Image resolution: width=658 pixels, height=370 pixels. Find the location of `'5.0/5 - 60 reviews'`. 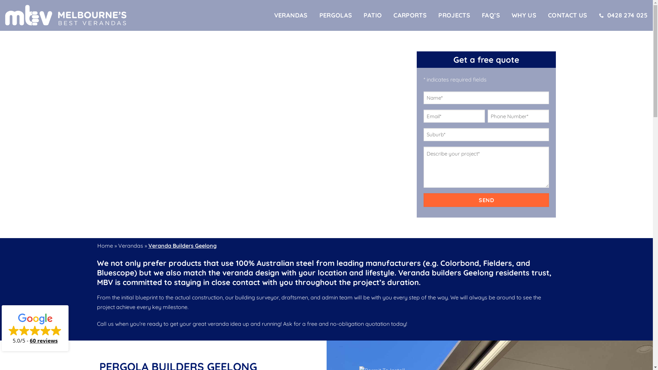

'5.0/5 - 60 reviews' is located at coordinates (35, 328).